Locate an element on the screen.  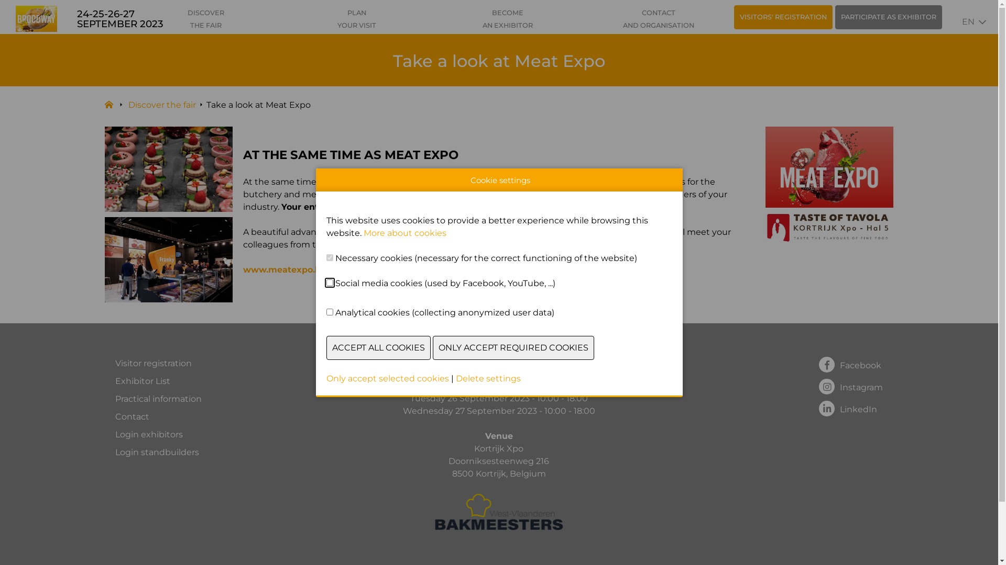
'Delete settings' is located at coordinates (455, 378).